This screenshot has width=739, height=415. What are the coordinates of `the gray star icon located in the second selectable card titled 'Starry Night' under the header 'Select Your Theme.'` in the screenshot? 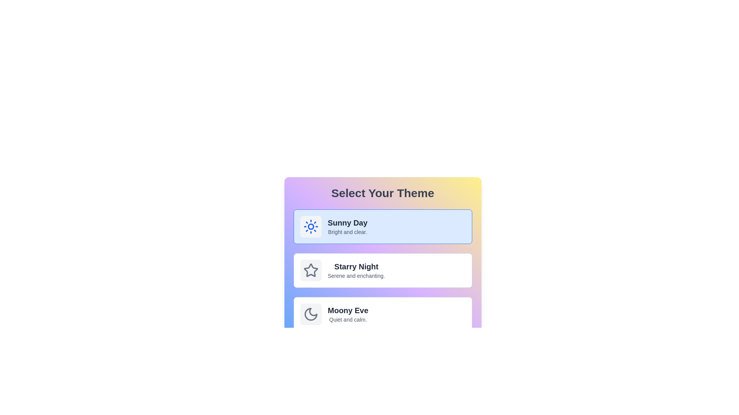 It's located at (311, 270).